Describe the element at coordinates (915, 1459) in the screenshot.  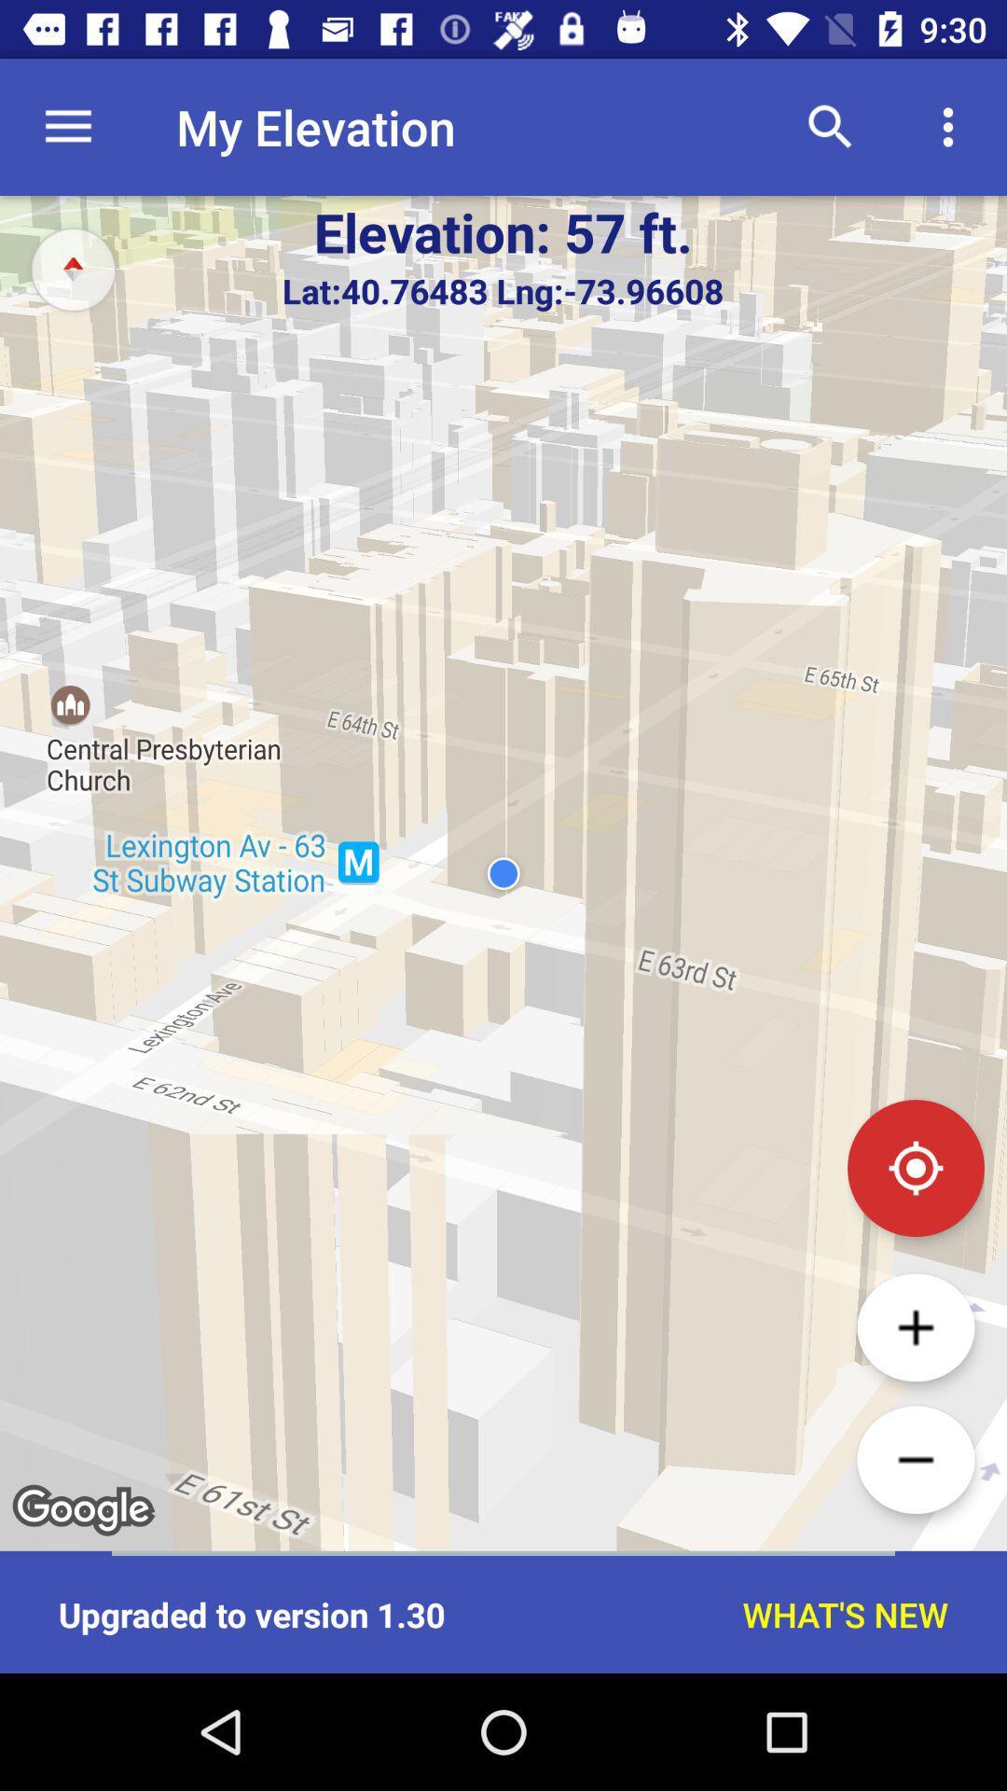
I see `zoon out` at that location.